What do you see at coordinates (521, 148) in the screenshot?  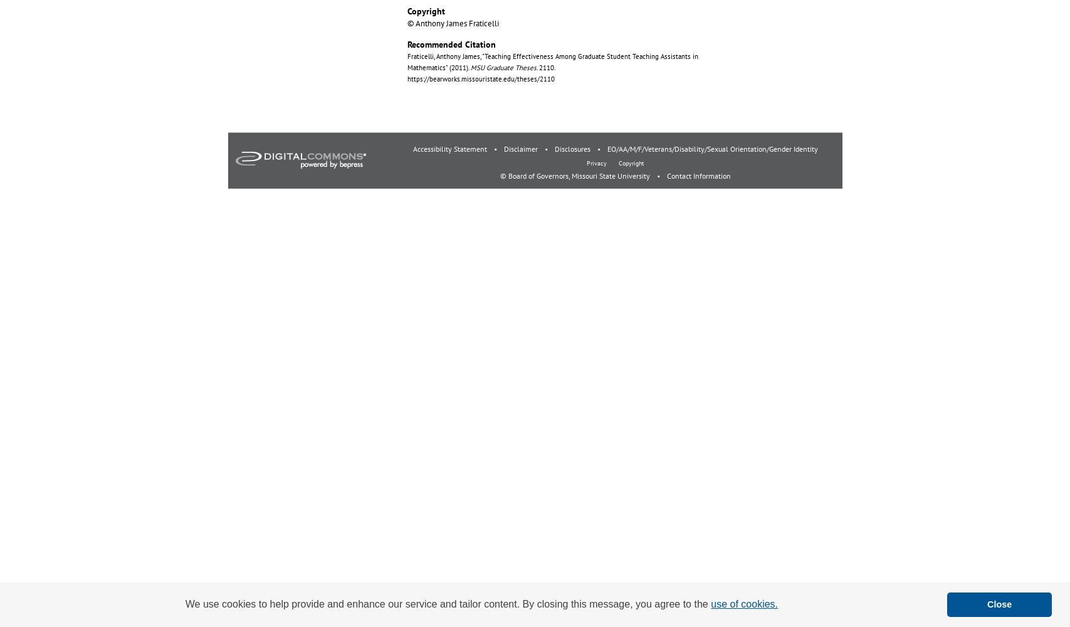 I see `'Disclaimer'` at bounding box center [521, 148].